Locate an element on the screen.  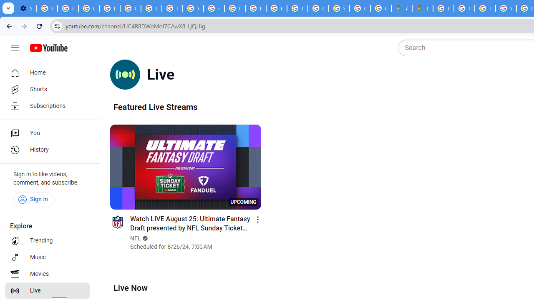
'Guide' is located at coordinates (15, 48).